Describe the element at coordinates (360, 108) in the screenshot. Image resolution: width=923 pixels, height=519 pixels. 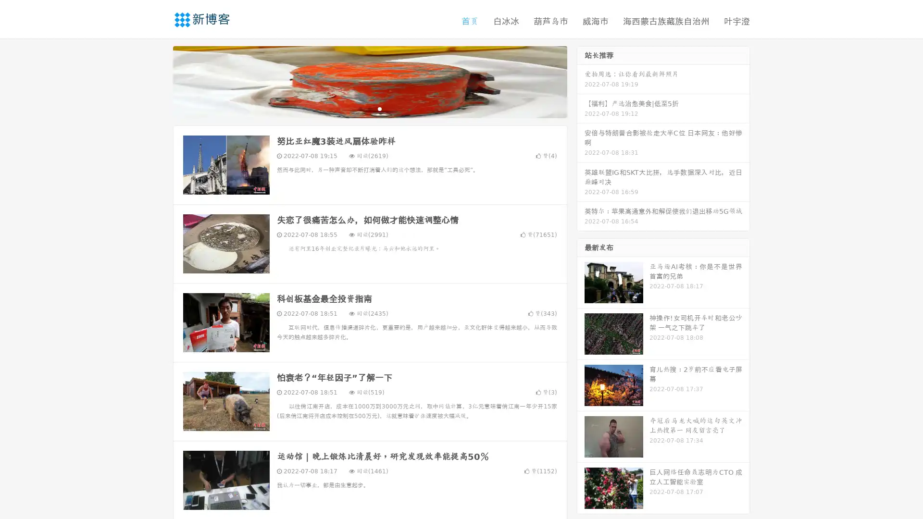
I see `Go to slide 1` at that location.